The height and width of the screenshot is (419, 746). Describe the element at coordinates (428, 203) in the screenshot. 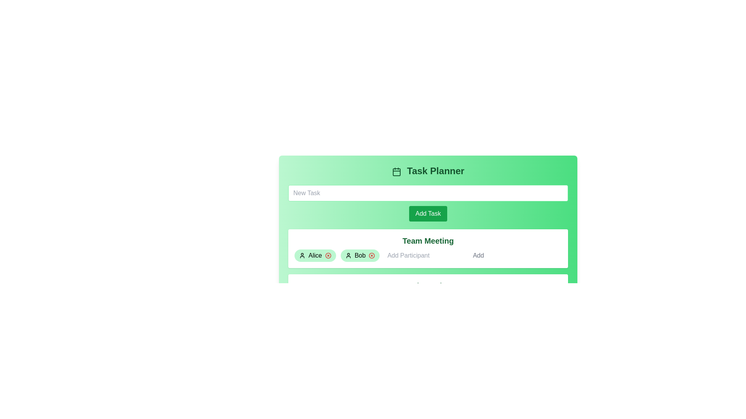

I see `the button located centrally under the 'New Task' input field` at that location.